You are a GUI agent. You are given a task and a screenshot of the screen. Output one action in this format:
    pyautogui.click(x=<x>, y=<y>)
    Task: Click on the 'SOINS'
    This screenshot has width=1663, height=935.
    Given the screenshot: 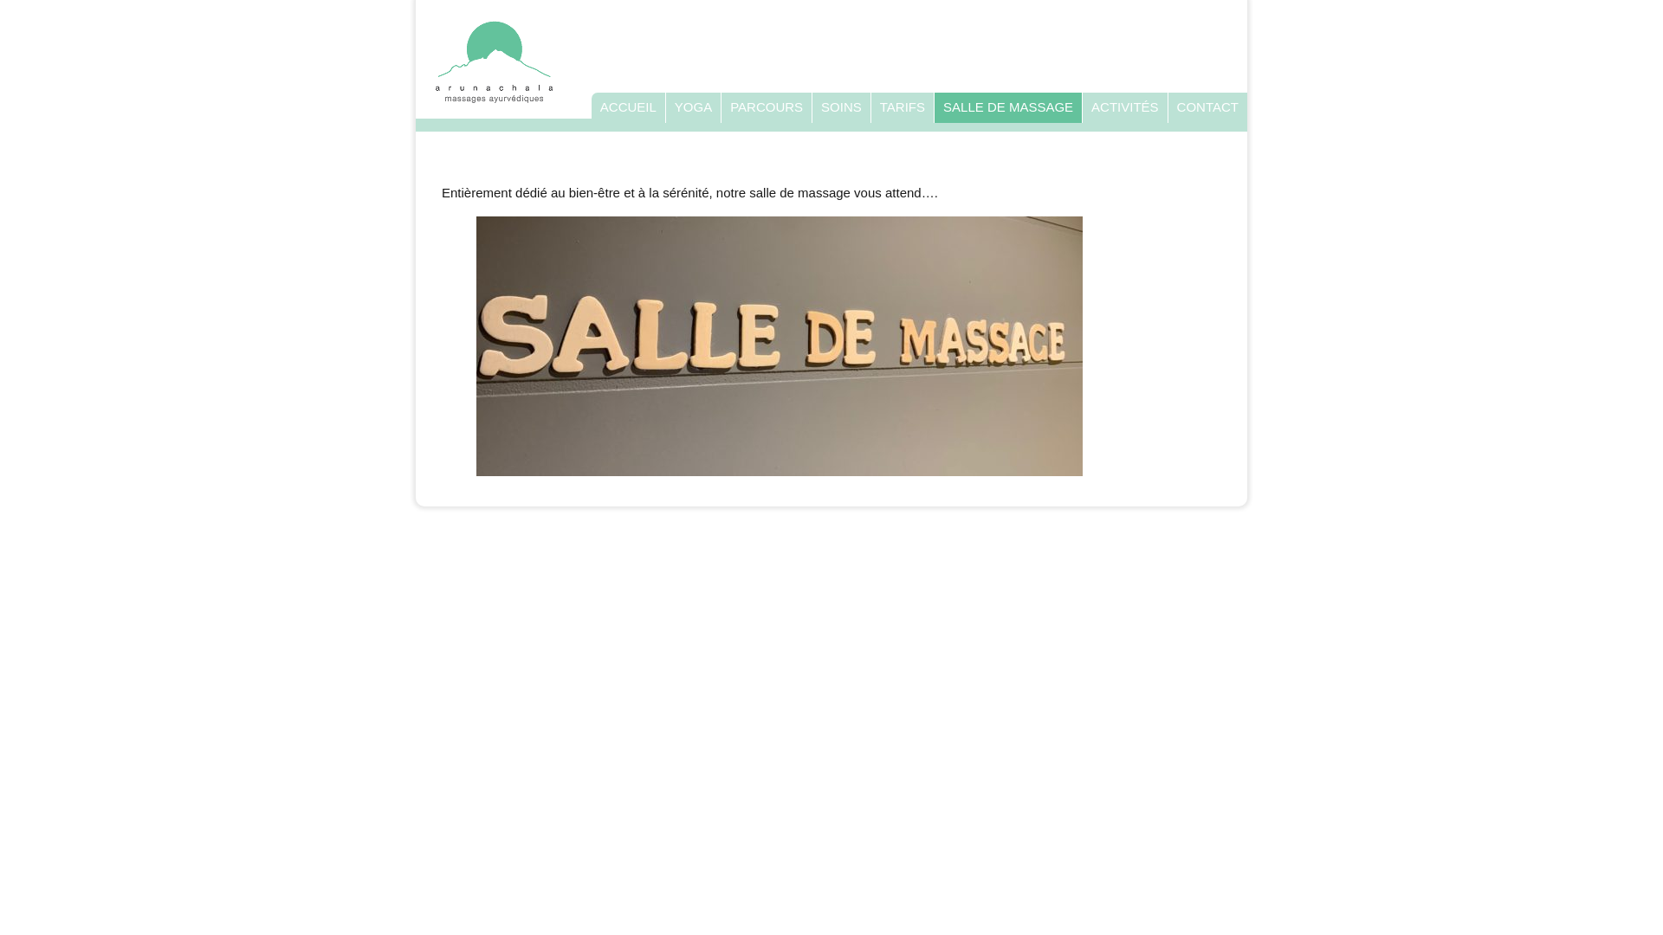 What is the action you would take?
    pyautogui.click(x=841, y=106)
    